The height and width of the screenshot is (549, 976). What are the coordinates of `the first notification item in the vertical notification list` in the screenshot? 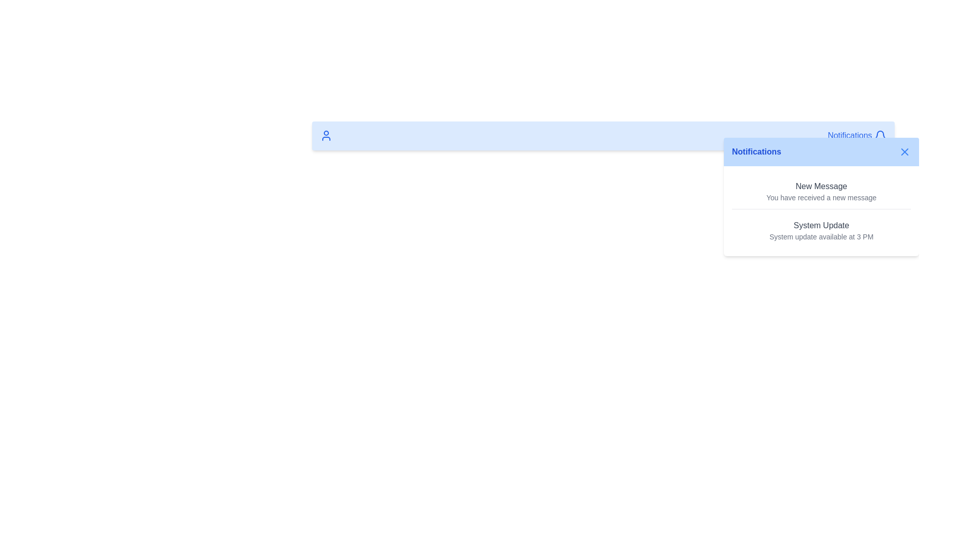 It's located at (821, 192).